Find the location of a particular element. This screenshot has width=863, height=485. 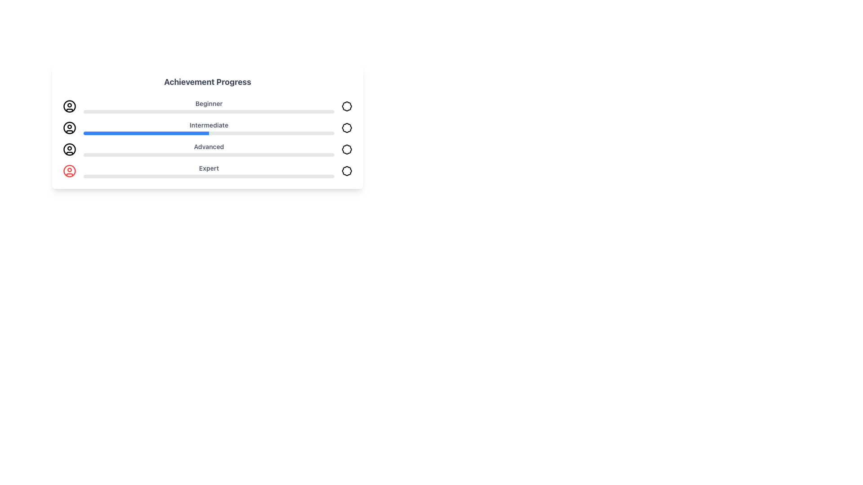

the circular badge with a scalloped outline located in the fourth row of the 'Advanced' section, positioned on the far right adjacent to a horizontal bar is located at coordinates (347, 149).